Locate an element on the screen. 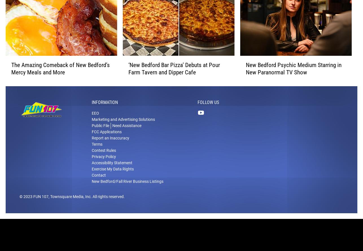  'EEO' is located at coordinates (91, 121).